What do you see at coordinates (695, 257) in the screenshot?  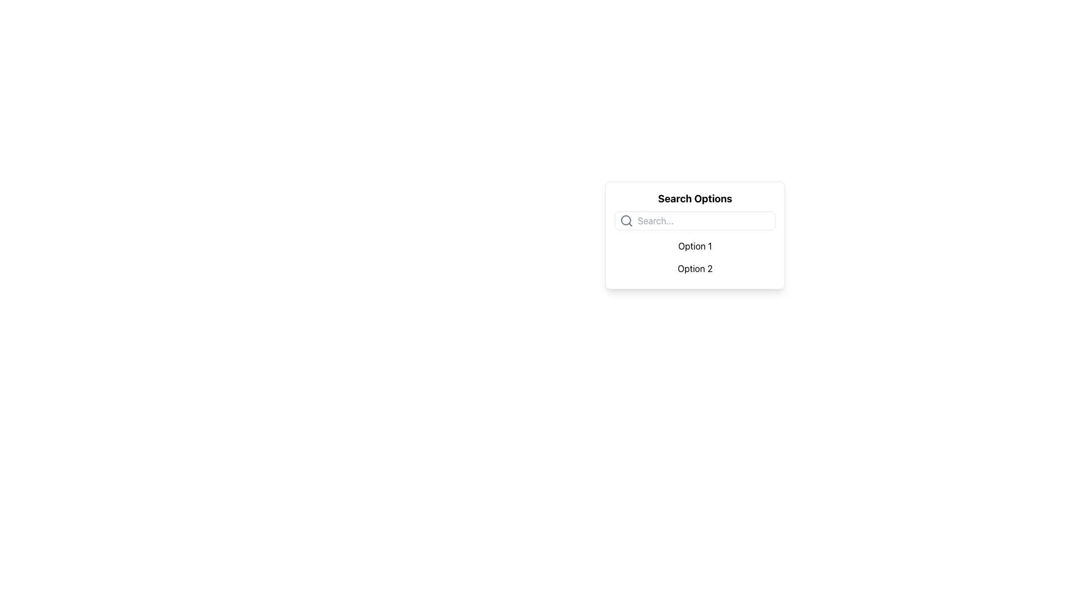 I see `the Dropdown/List options located below the search bar in the 'Search Options' panel` at bounding box center [695, 257].